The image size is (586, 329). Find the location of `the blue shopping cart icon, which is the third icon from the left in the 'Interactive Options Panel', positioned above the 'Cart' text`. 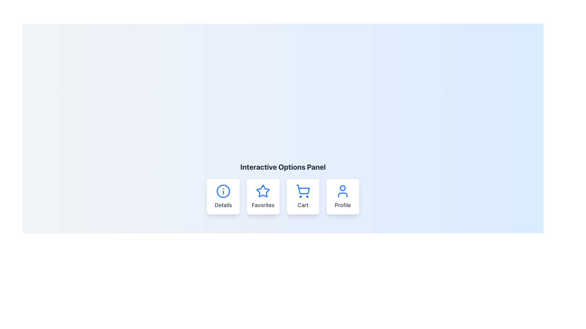

the blue shopping cart icon, which is the third icon from the left in the 'Interactive Options Panel', positioned above the 'Cart' text is located at coordinates (303, 191).